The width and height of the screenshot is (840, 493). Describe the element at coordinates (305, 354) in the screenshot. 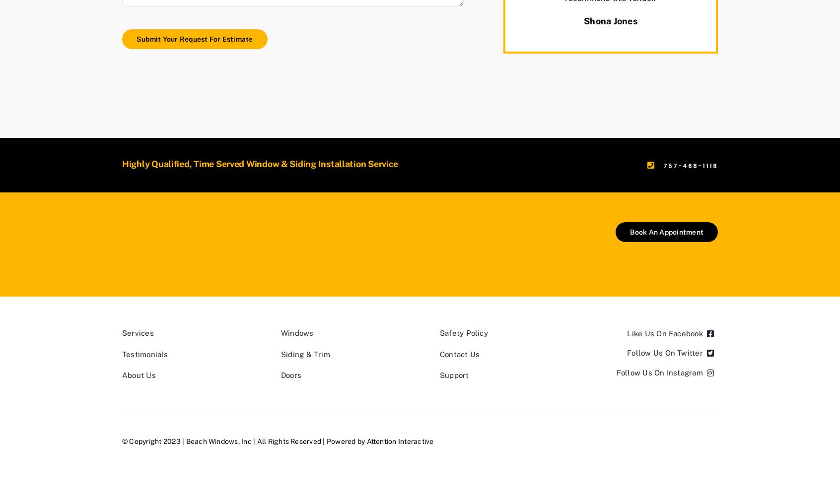

I see `'Siding & Trim'` at that location.